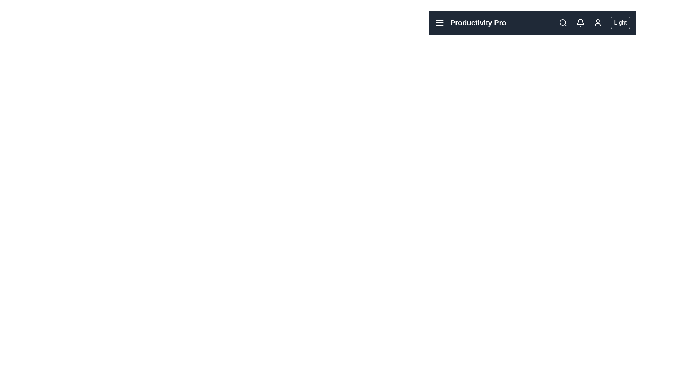 The image size is (694, 390). I want to click on 'Light' button to toggle the mode, so click(620, 22).